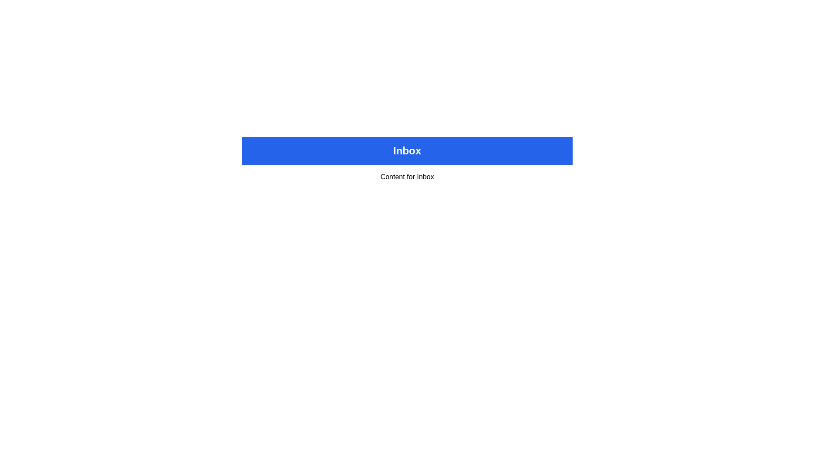 The image size is (838, 471). What do you see at coordinates (406, 150) in the screenshot?
I see `the non-interactive header labeled 'Inbox' at the top section of the application, which indicates the current section or mode` at bounding box center [406, 150].